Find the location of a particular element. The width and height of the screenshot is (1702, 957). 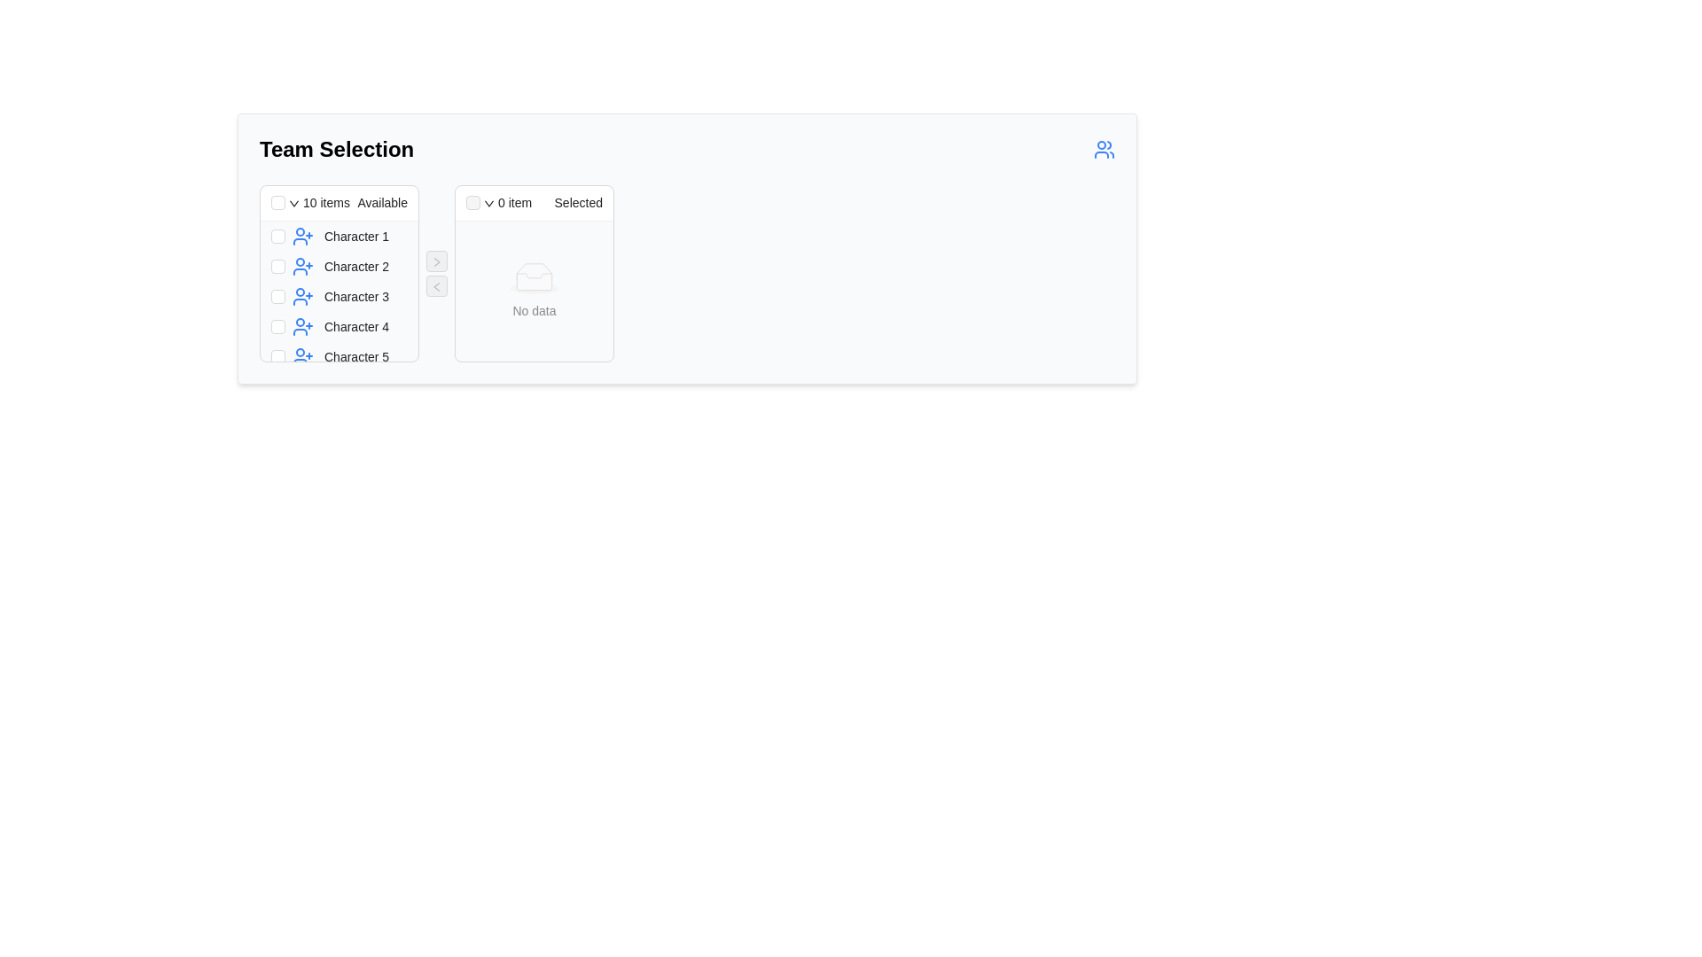

the checkbox in the fifth row of the list under the left panel header is located at coordinates (340, 356).